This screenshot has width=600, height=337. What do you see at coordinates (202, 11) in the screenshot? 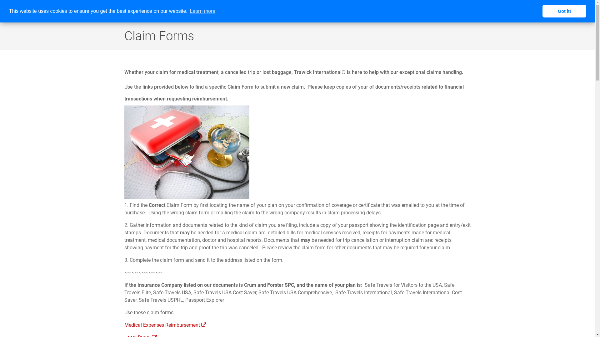
I see `'Learn more'` at bounding box center [202, 11].